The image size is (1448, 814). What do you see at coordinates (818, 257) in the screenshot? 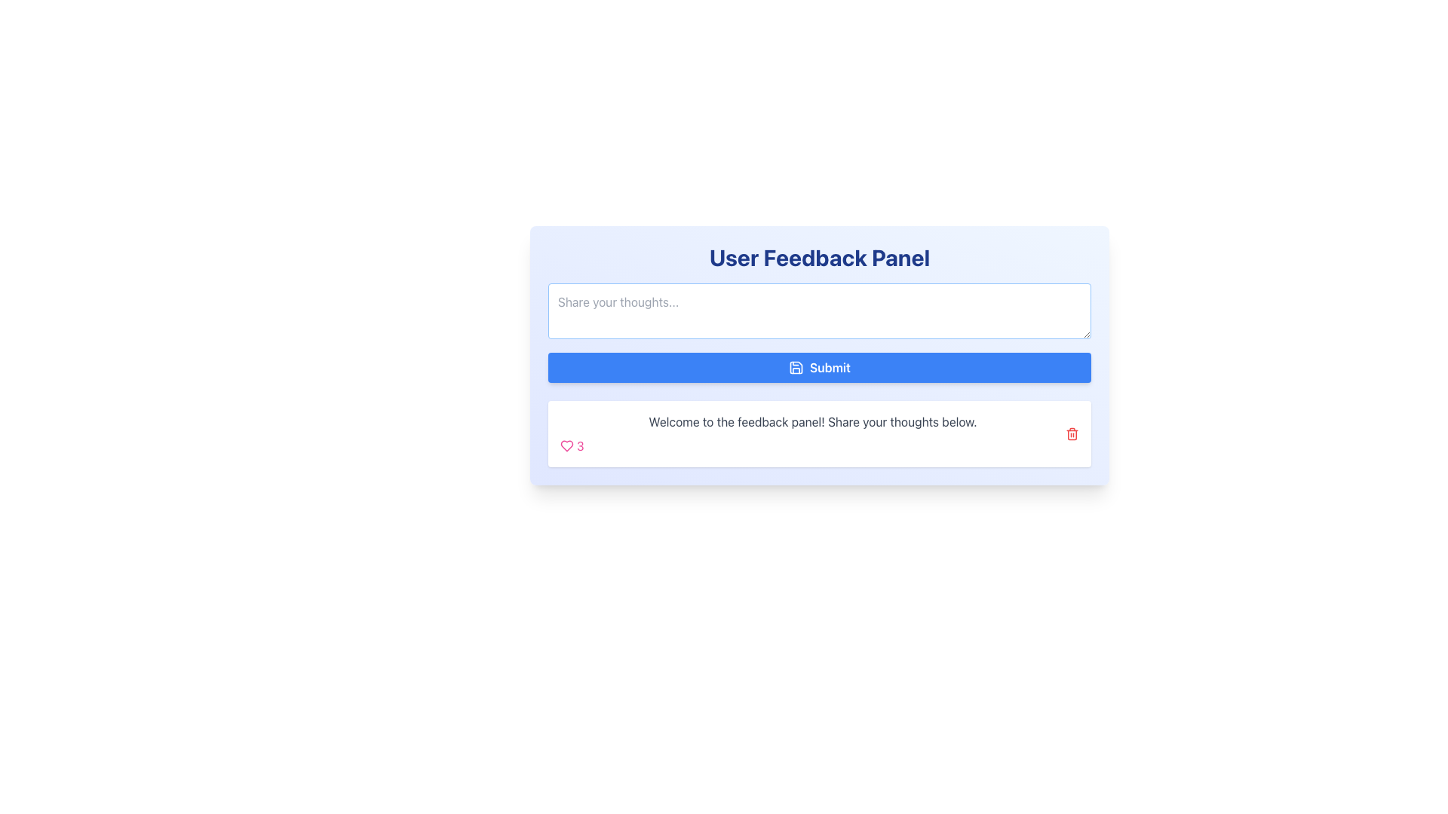
I see `the Text Label that serves as the title or header for the feedback panel, positioned directly above the text input field with the placeholder 'Share your thoughts...'` at bounding box center [818, 257].